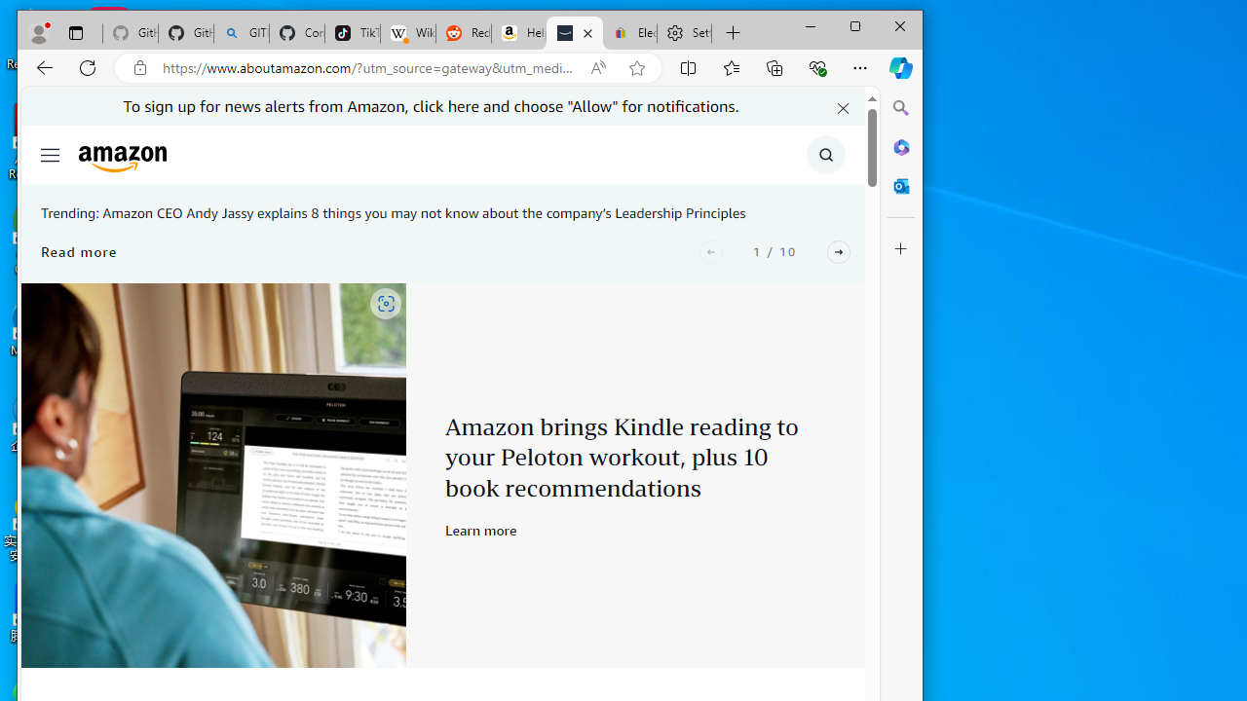 This screenshot has width=1247, height=701. What do you see at coordinates (463, 33) in the screenshot?
I see `'Reddit - Dive into anything'` at bounding box center [463, 33].